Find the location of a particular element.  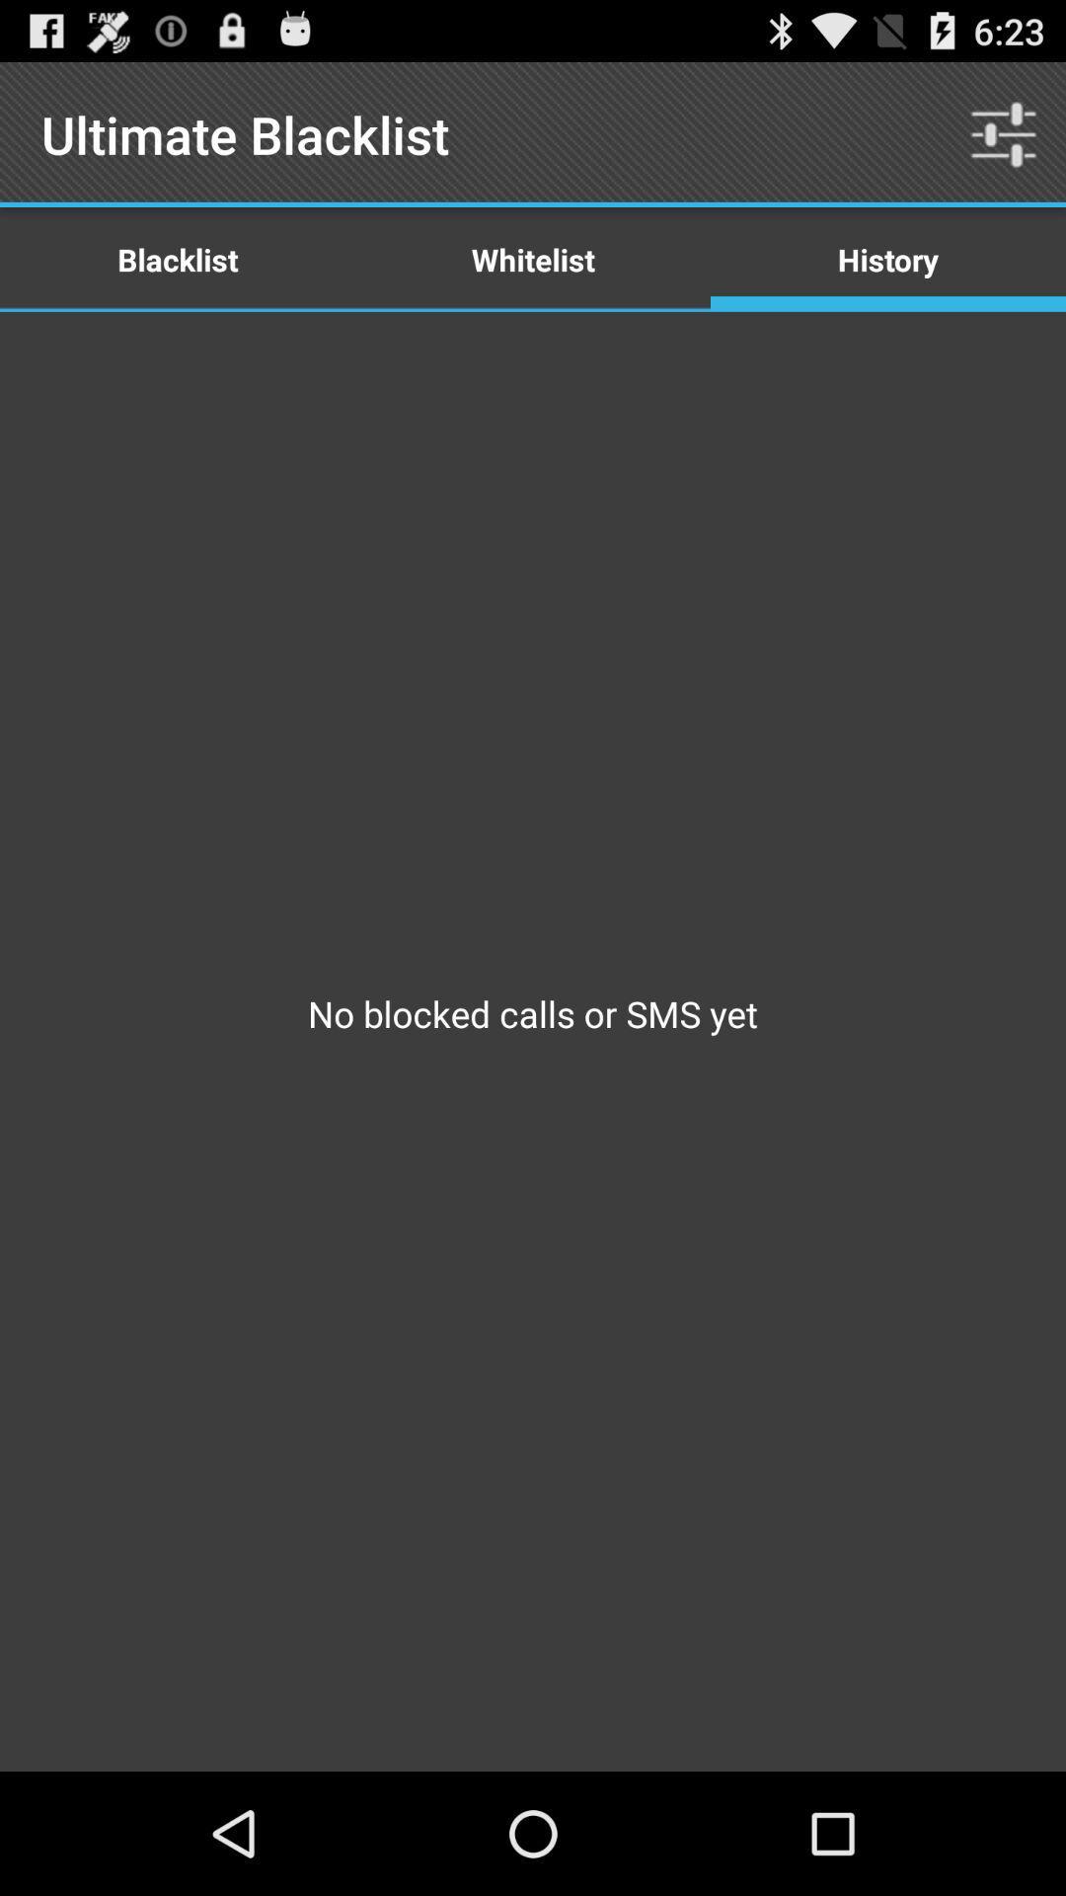

item next to the whitelist item is located at coordinates (886, 258).